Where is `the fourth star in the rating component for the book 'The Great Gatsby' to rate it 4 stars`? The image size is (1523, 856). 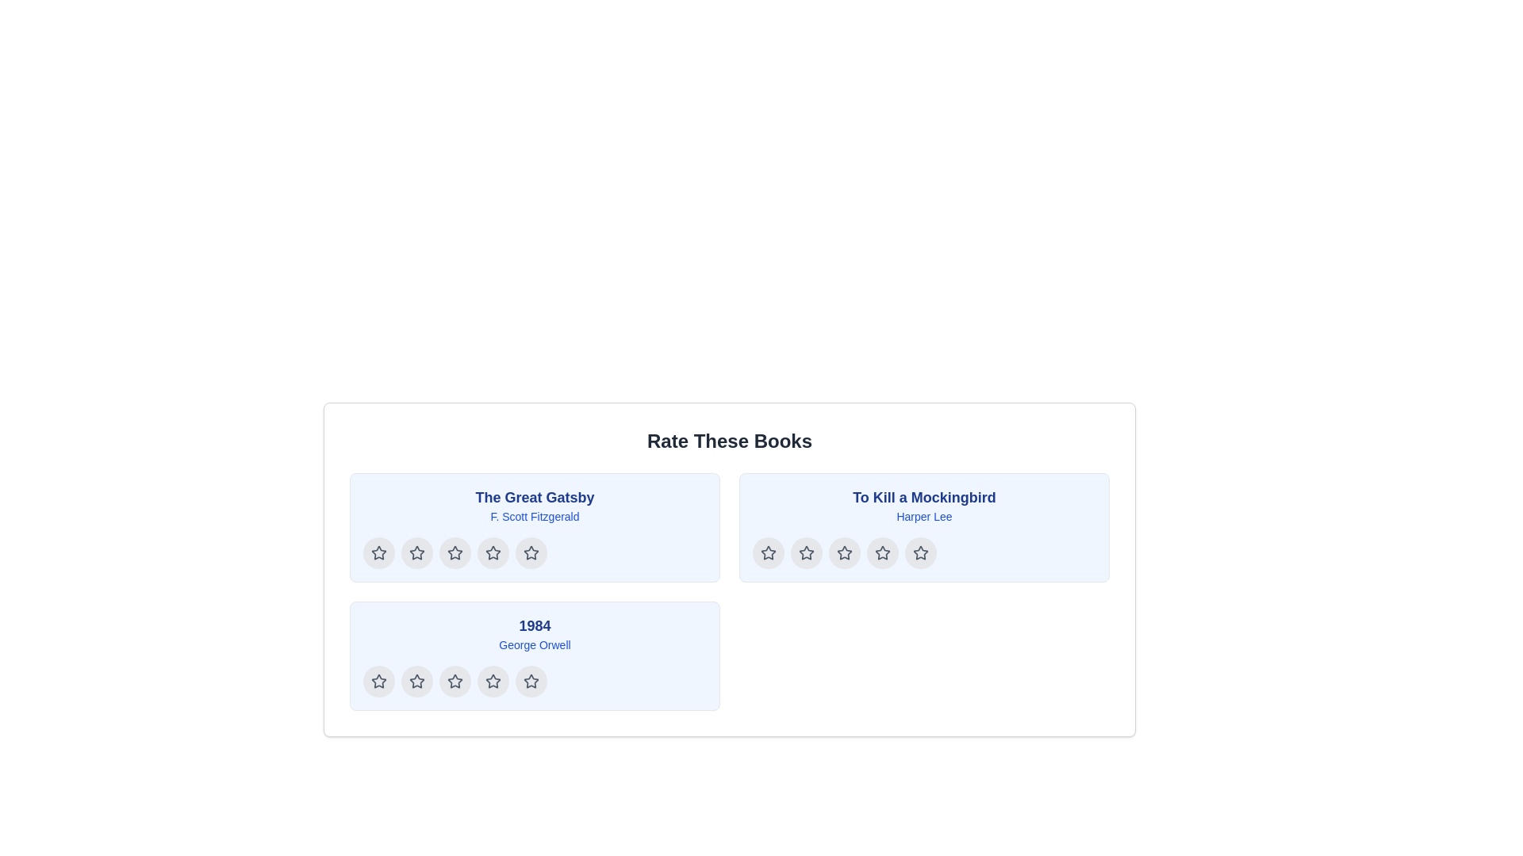 the fourth star in the rating component for the book 'The Great Gatsby' to rate it 4 stars is located at coordinates (535, 552).